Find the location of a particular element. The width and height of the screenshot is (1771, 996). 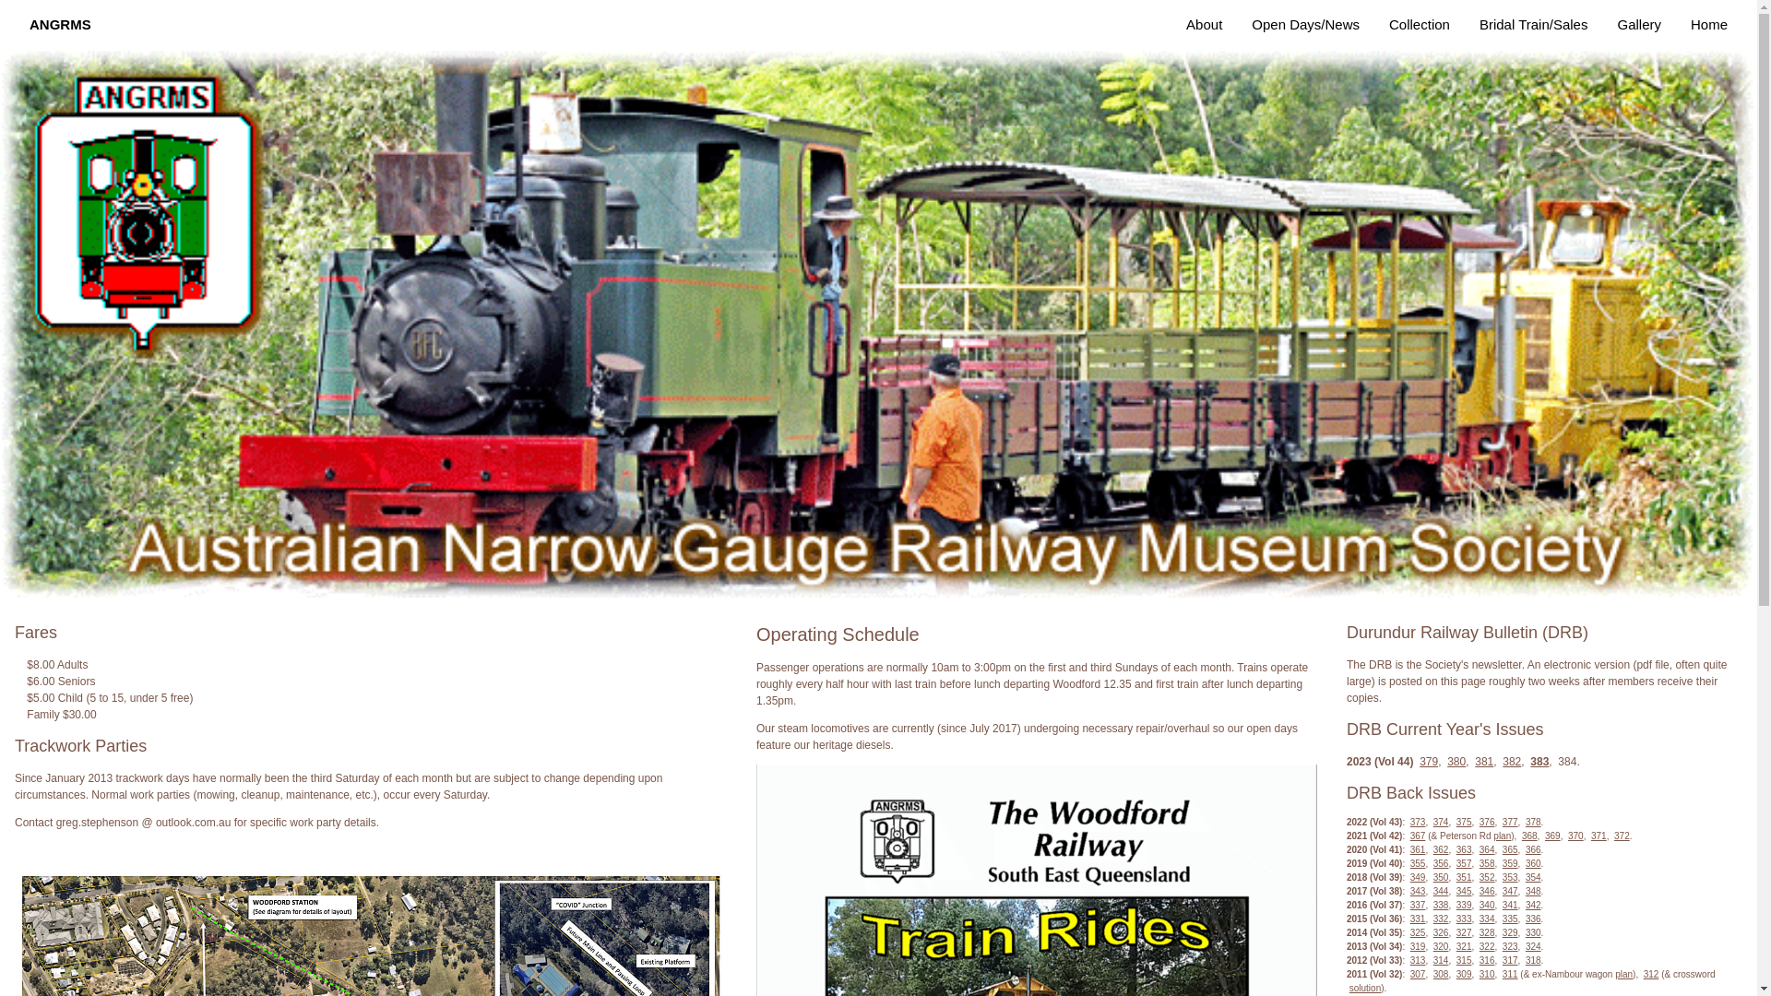

'377' is located at coordinates (1510, 821).